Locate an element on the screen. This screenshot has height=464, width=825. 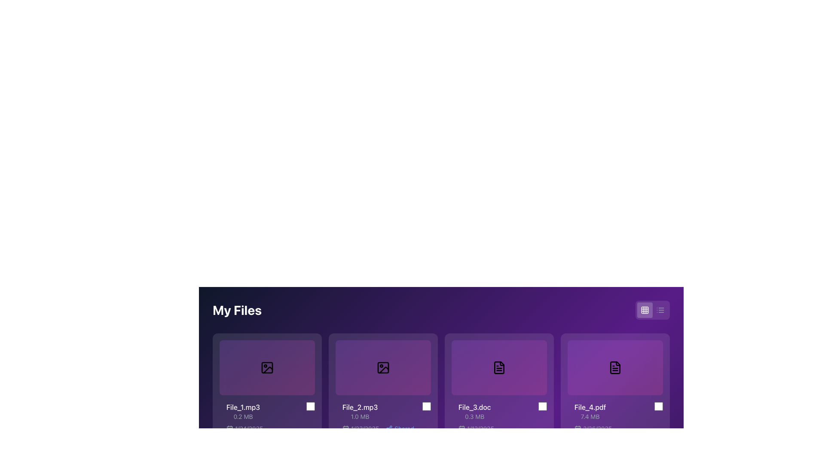
the fourth file preview card in the grid layout is located at coordinates (614, 367).